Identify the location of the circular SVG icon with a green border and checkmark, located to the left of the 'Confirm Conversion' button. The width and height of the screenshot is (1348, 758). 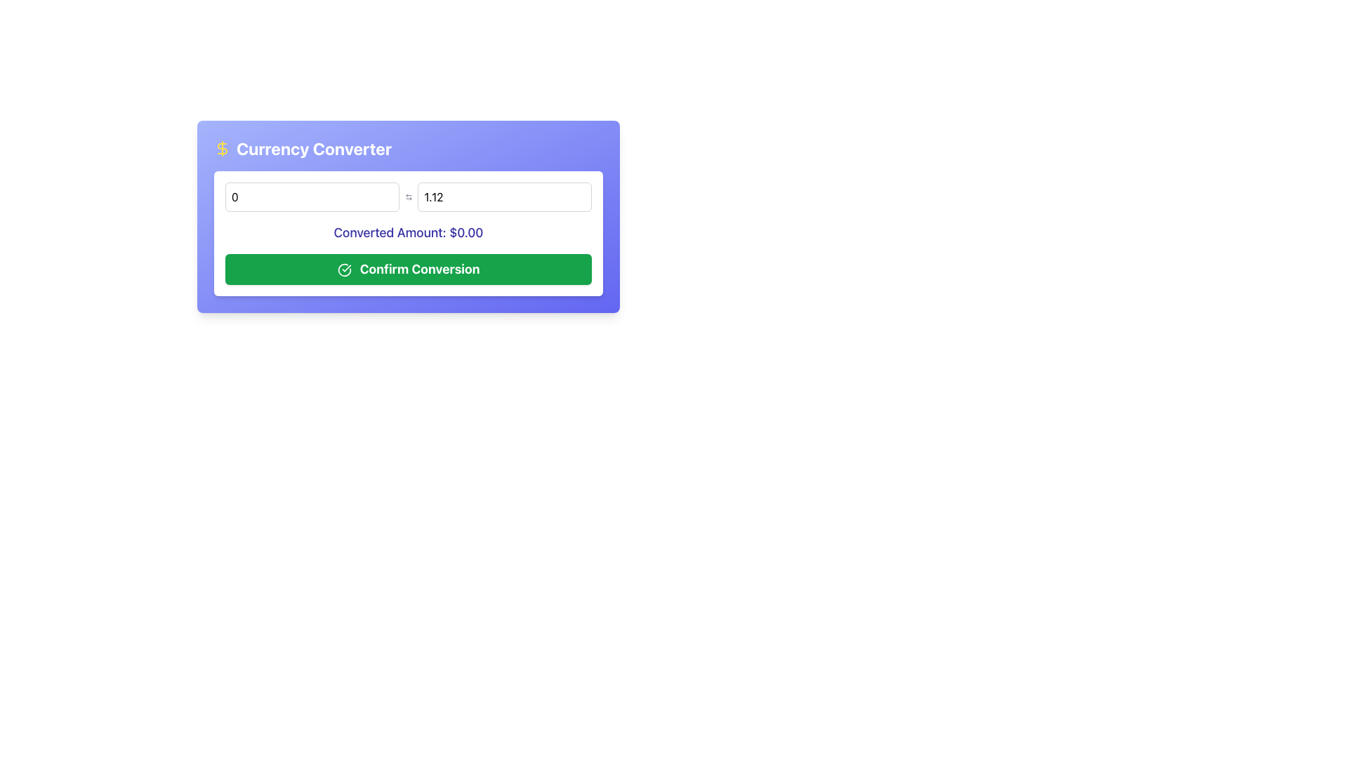
(344, 270).